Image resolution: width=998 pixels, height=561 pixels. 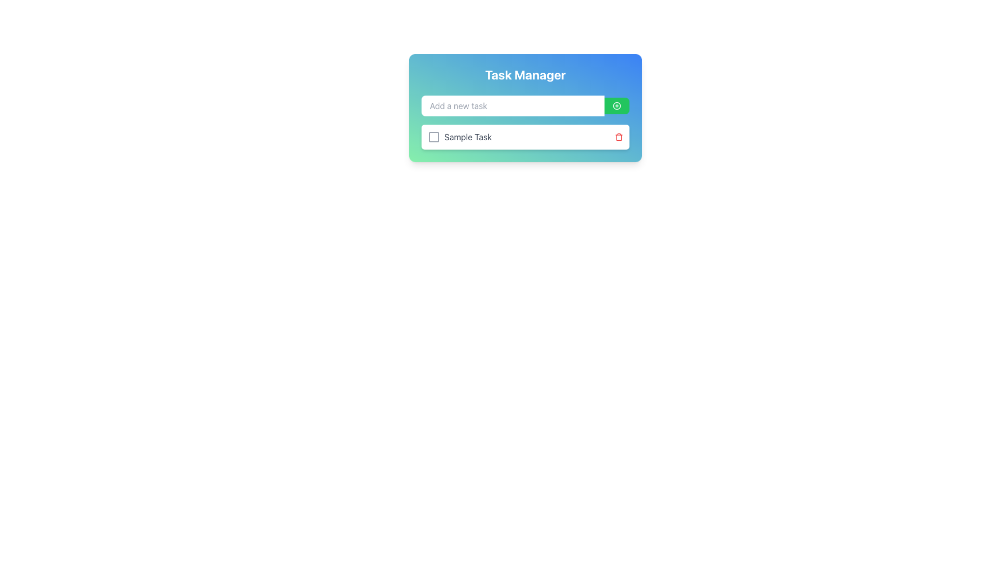 I want to click on the button located at the right end of the input field labeled 'Add a new task', so click(x=616, y=106).